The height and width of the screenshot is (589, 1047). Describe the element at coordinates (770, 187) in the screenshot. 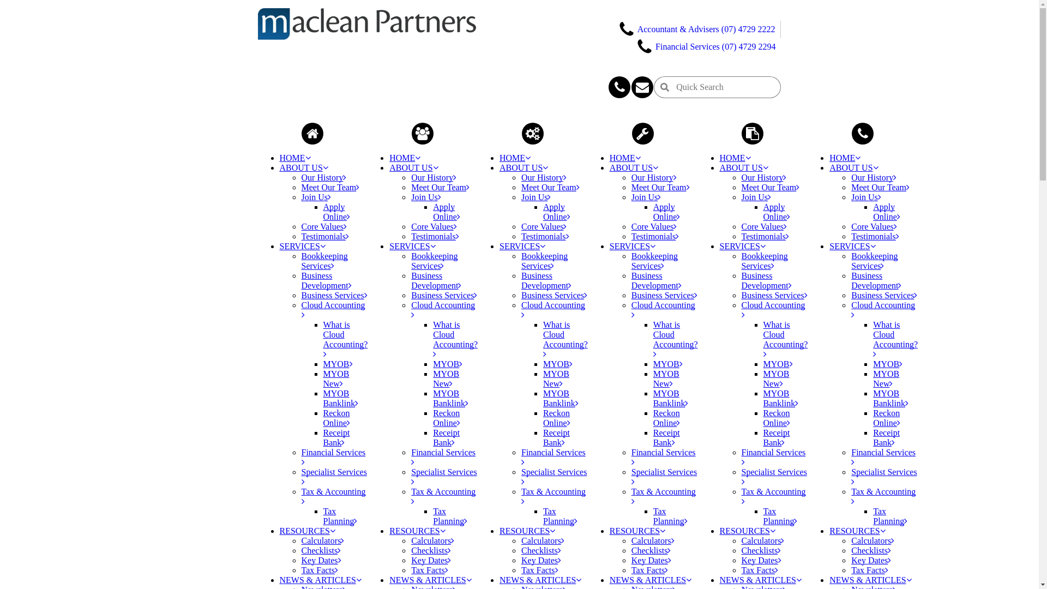

I see `'Meet Our Team'` at that location.